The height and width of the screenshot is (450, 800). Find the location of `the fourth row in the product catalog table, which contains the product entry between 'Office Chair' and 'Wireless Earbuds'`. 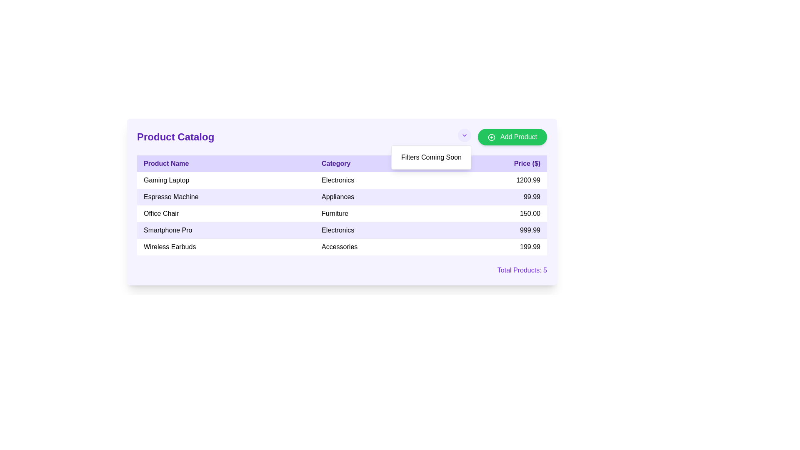

the fourth row in the product catalog table, which contains the product entry between 'Office Chair' and 'Wireless Earbuds' is located at coordinates (342, 230).